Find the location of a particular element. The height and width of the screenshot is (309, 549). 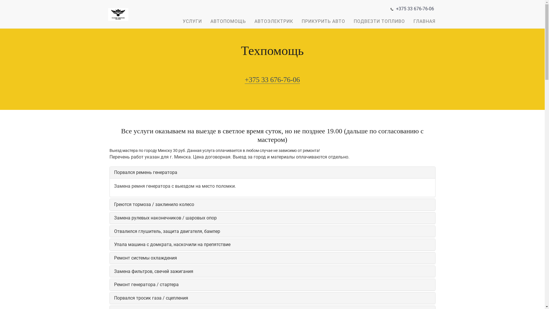

'+375 33 676-76-06' is located at coordinates (244, 80).